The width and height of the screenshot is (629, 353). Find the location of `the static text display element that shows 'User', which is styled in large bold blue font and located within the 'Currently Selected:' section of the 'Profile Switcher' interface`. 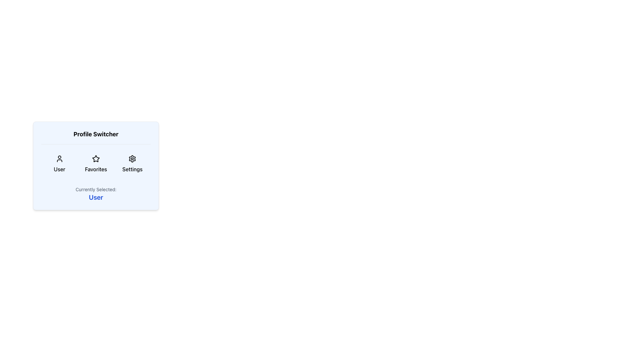

the static text display element that shows 'User', which is styled in large bold blue font and located within the 'Currently Selected:' section of the 'Profile Switcher' interface is located at coordinates (95, 197).